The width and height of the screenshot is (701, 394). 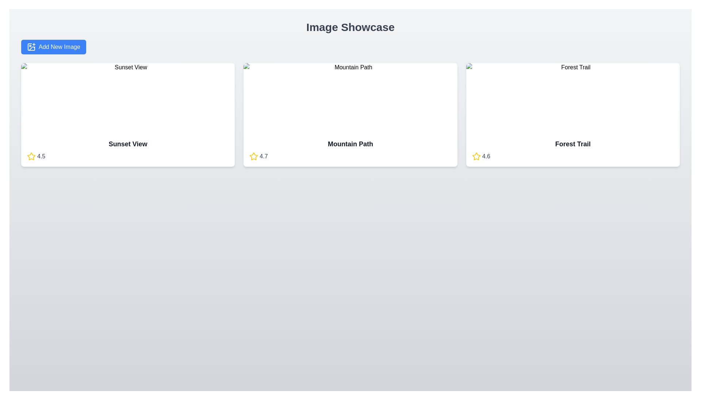 I want to click on the 'Sunset View' text within the rating display component, so click(x=128, y=150).